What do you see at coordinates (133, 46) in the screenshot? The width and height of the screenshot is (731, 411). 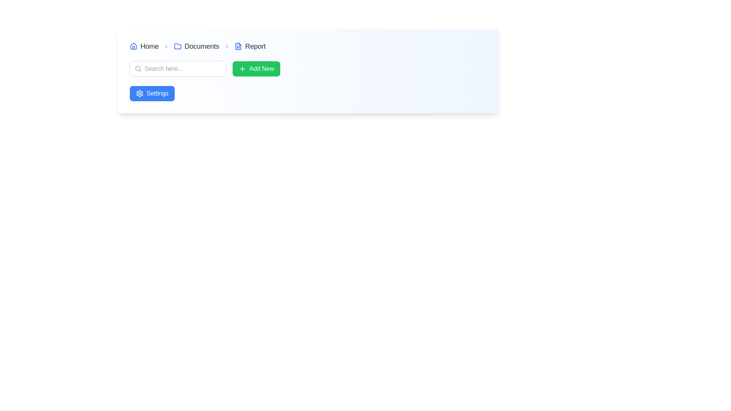 I see `the house icon located at the top-left corner of the interface, preceding the text 'Home' in the breadcrumb navigation` at bounding box center [133, 46].